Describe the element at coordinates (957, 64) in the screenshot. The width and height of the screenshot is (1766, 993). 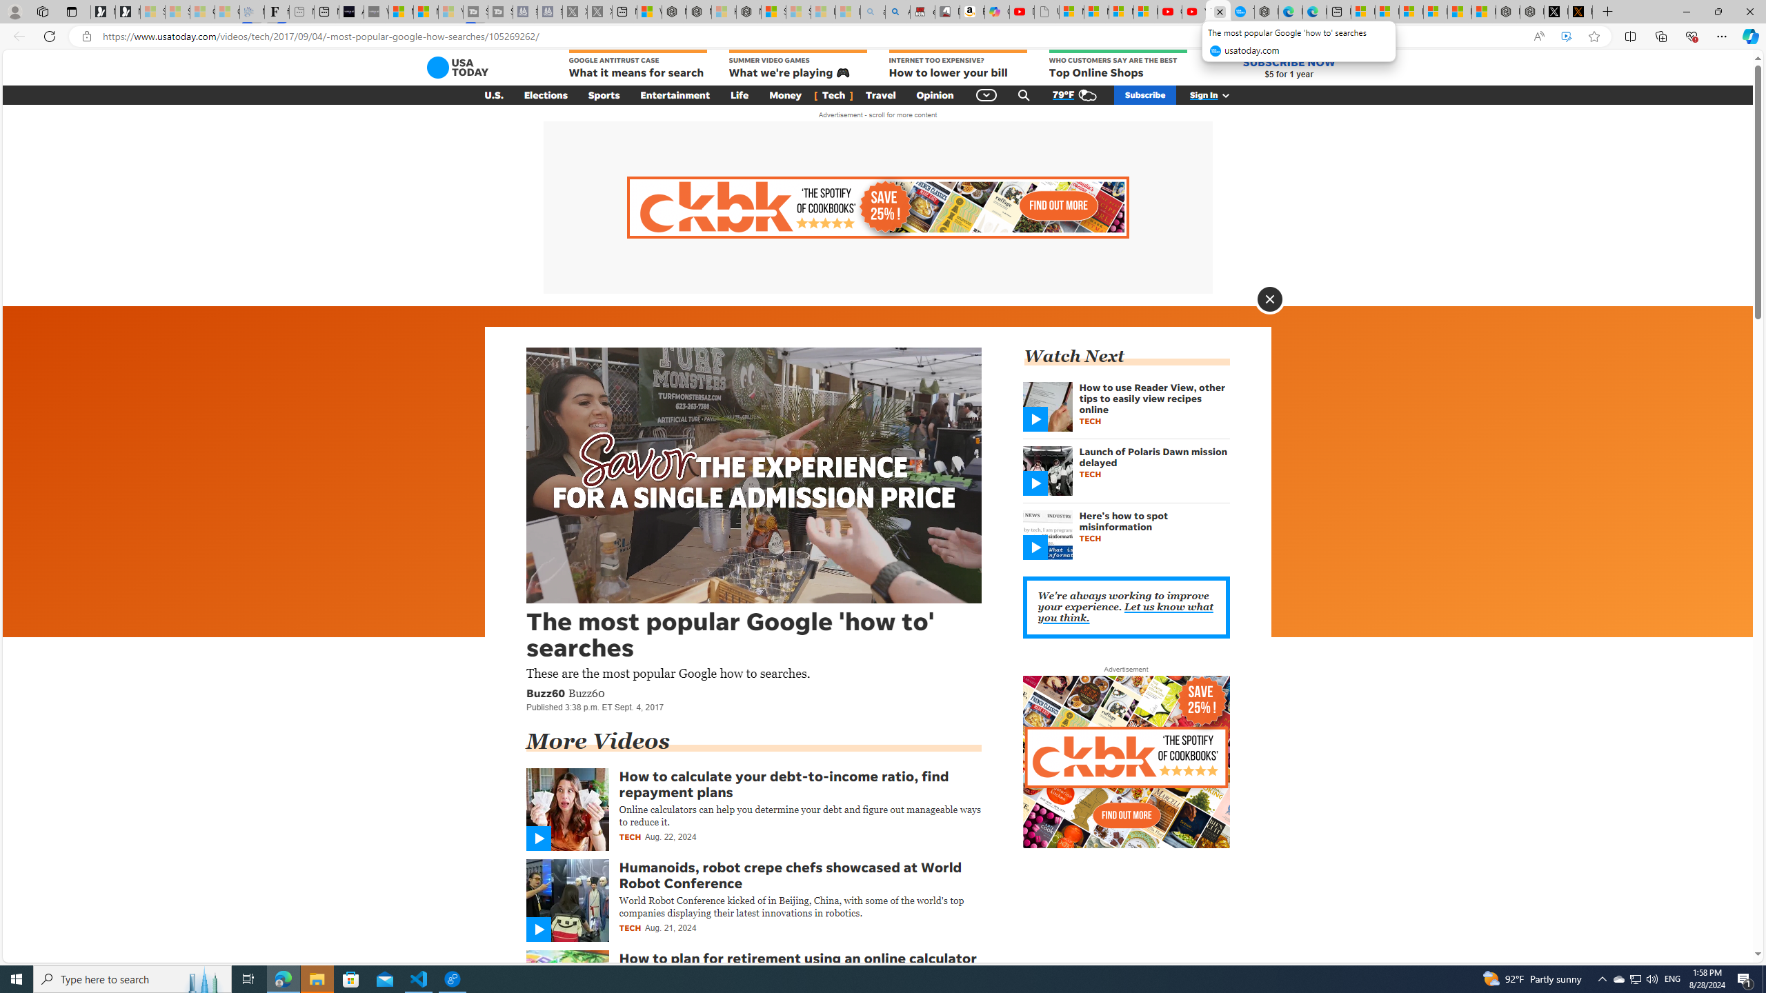
I see `'INTERNET TOO EXPENSIVE? How to lower your bill'` at that location.